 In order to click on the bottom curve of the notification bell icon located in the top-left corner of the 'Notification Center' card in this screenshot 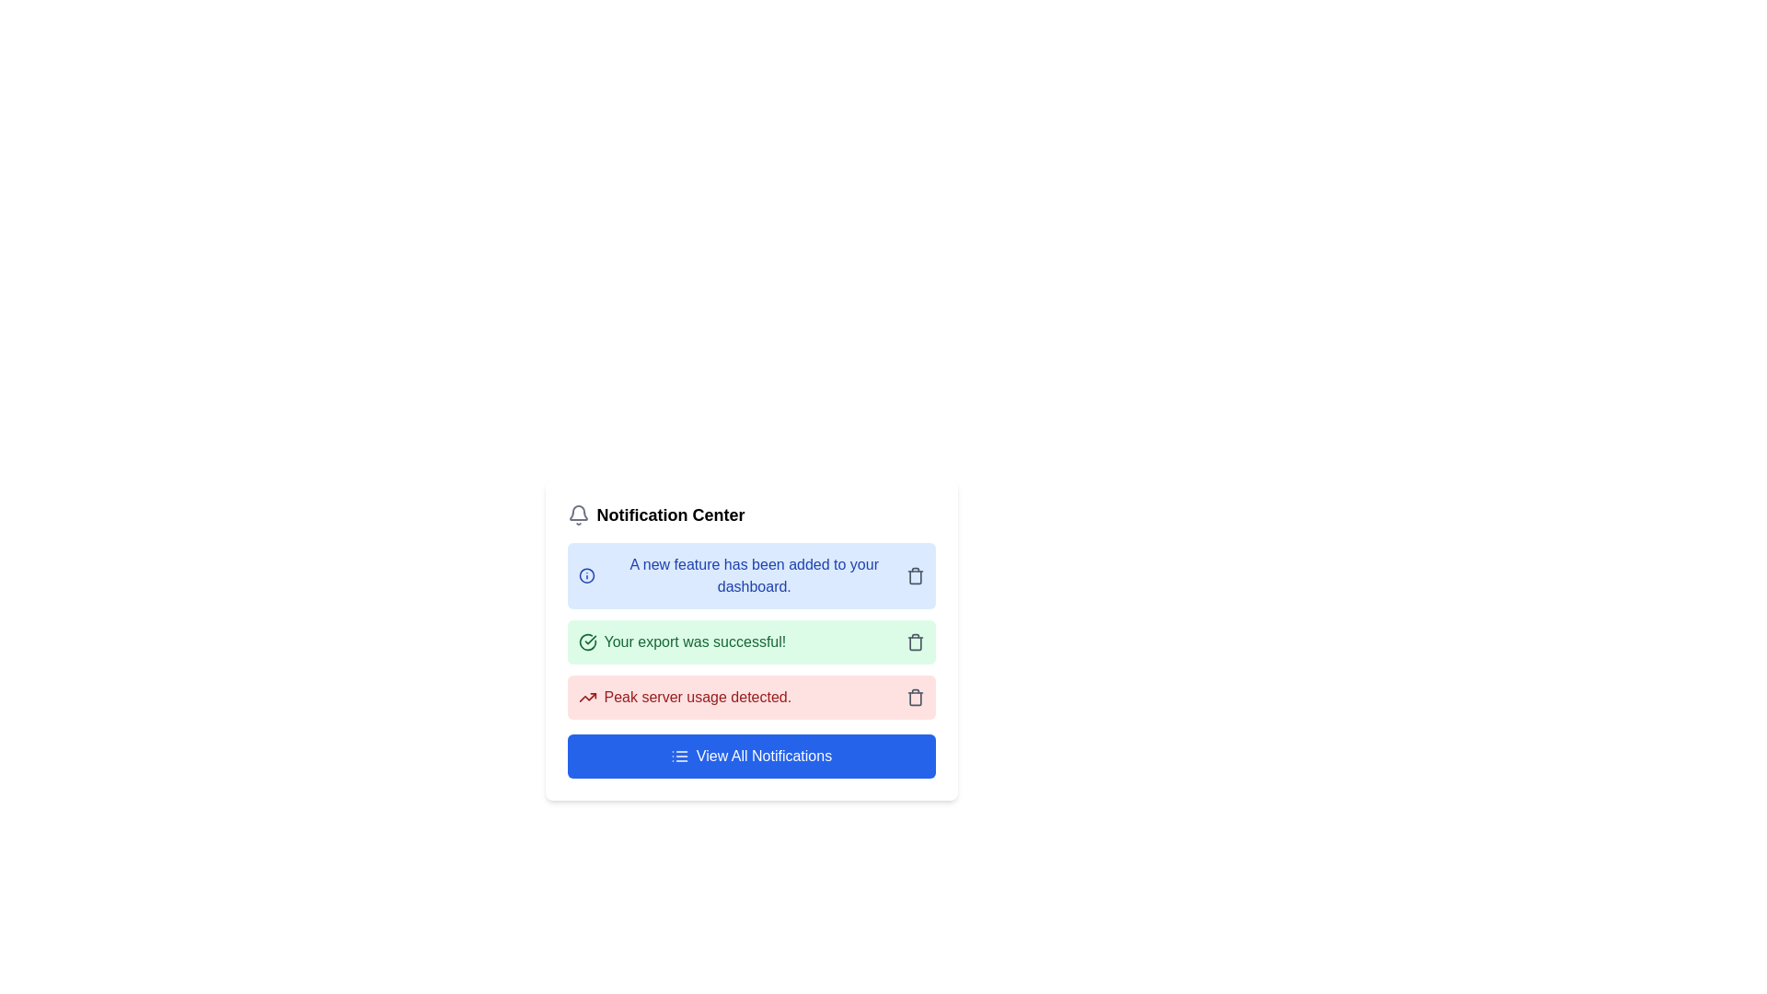, I will do `click(577, 513)`.